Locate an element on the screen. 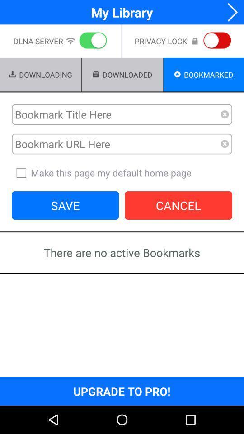  cancel is located at coordinates (178, 205).